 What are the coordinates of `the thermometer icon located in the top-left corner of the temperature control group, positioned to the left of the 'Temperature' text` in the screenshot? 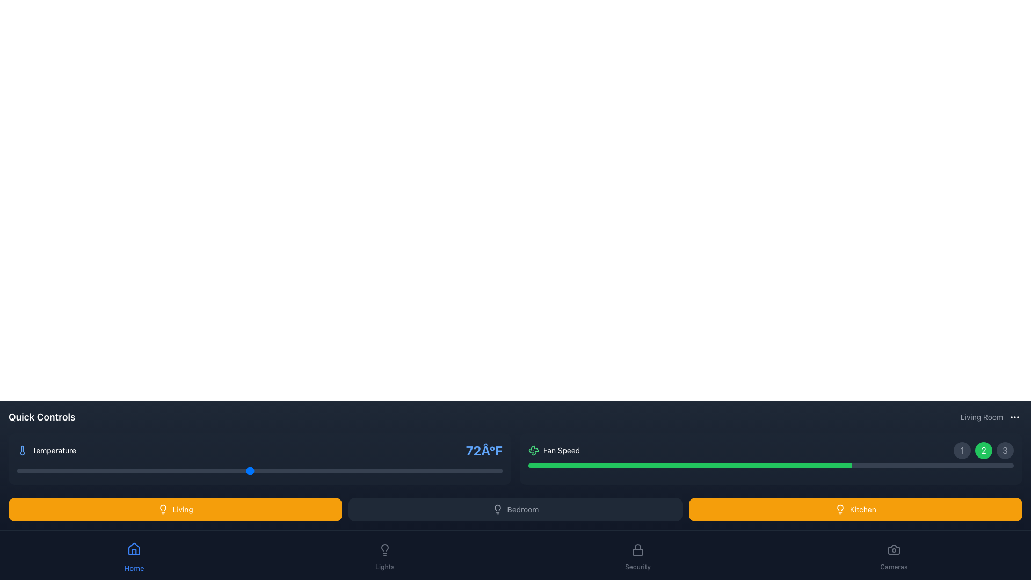 It's located at (23, 451).